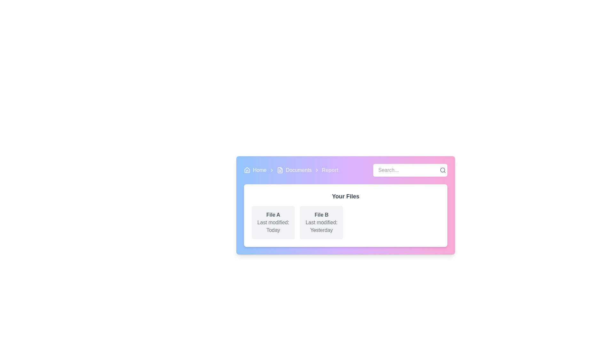 The height and width of the screenshot is (345, 614). What do you see at coordinates (280, 170) in the screenshot?
I see `the document icon located to the left of the 'Documents' navigation link in the navigation bar` at bounding box center [280, 170].